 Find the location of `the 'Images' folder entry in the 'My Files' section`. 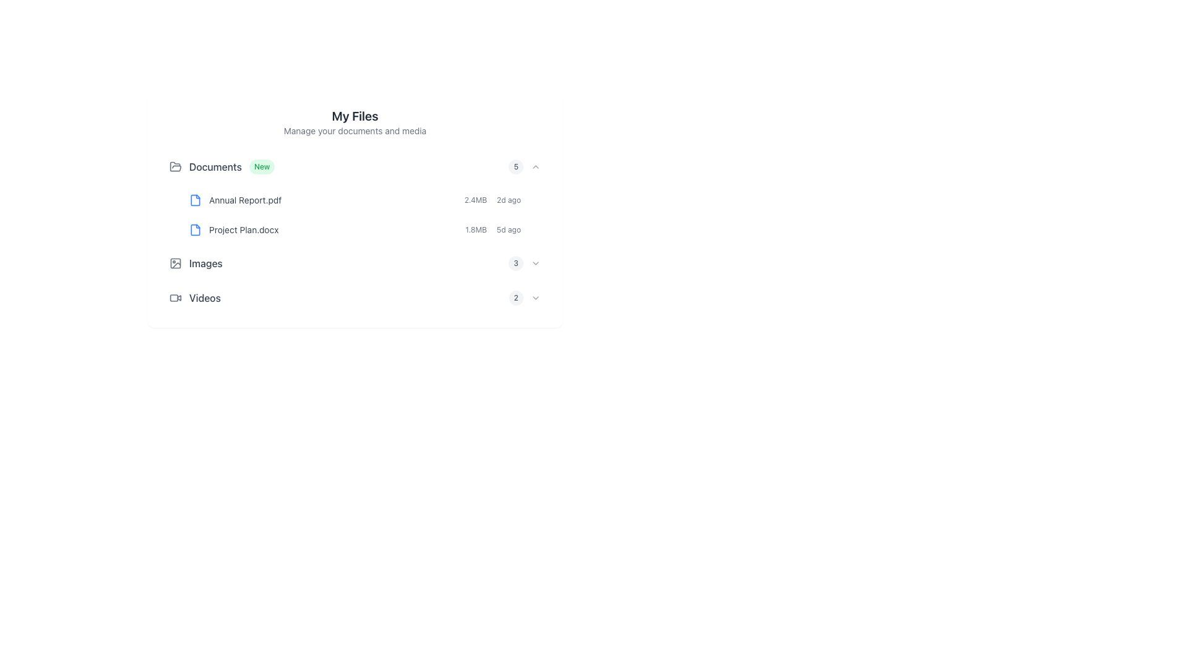

the 'Images' folder entry in the 'My Files' section is located at coordinates (355, 262).